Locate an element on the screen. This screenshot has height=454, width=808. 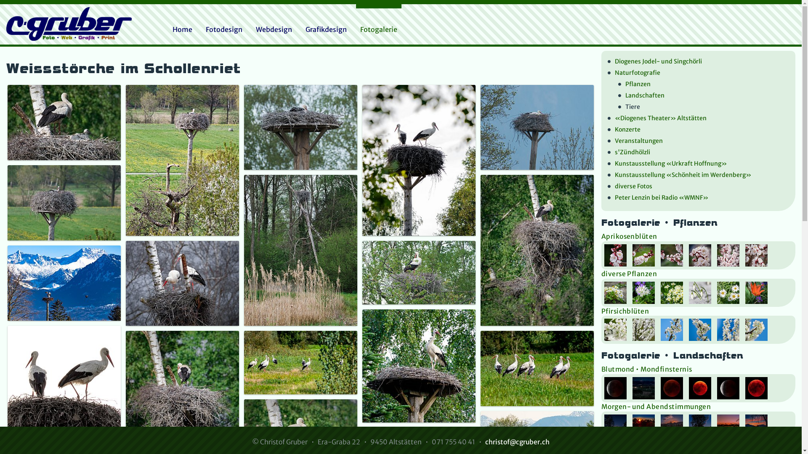
'Landschaften' is located at coordinates (618, 95).